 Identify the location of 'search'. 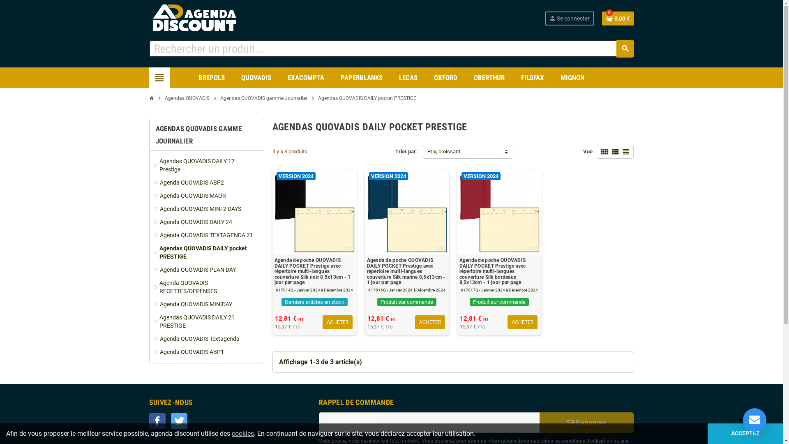
(625, 49).